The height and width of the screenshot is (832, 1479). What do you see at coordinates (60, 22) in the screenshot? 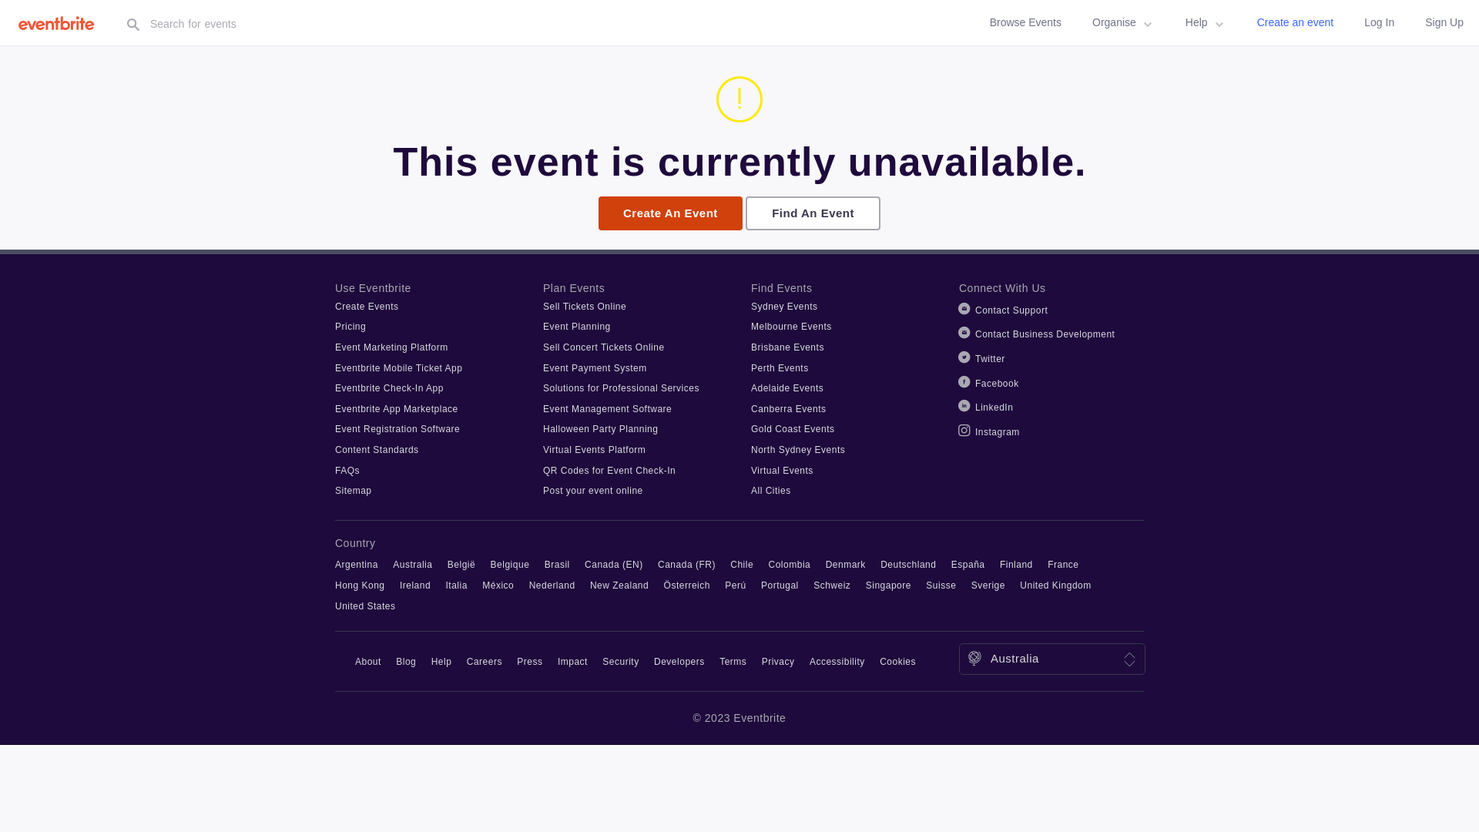
I see `'Eventbrite'` at bounding box center [60, 22].